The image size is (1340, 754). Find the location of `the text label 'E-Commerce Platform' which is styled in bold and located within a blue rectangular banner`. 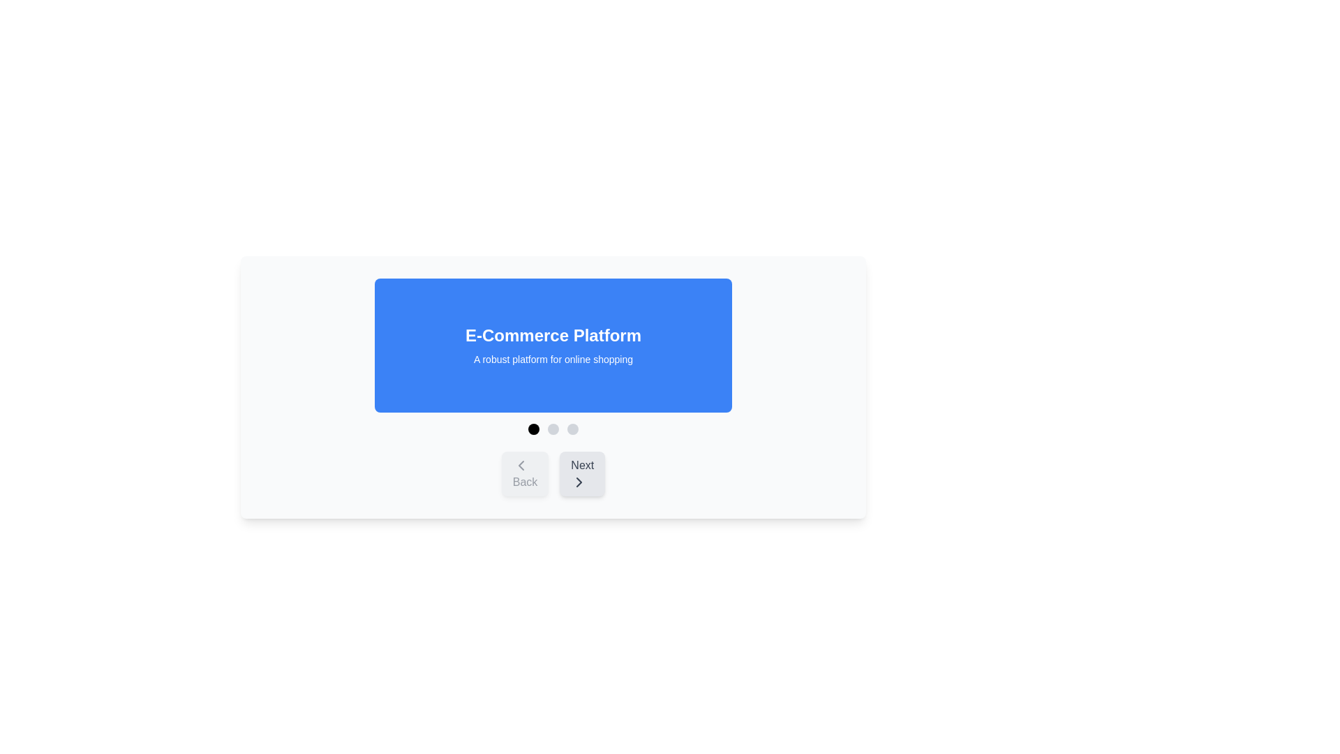

the text label 'E-Commerce Platform' which is styled in bold and located within a blue rectangular banner is located at coordinates (552, 336).